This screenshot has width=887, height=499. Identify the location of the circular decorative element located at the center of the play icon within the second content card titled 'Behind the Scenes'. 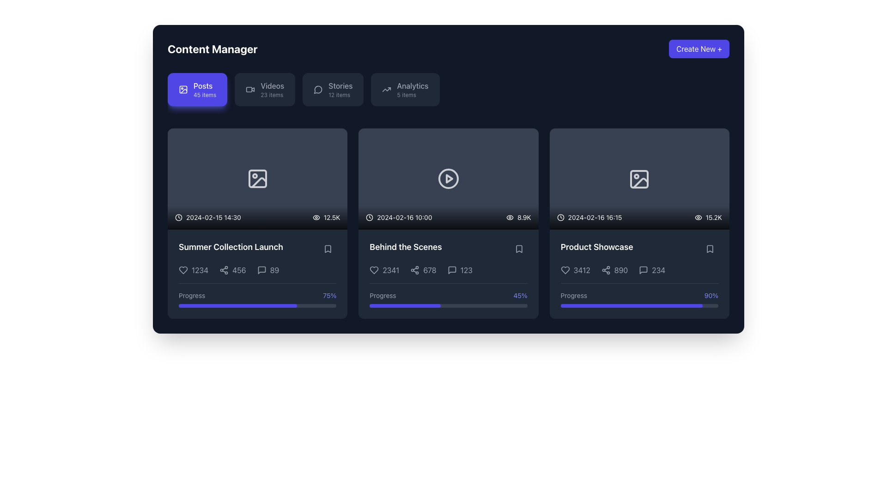
(448, 179).